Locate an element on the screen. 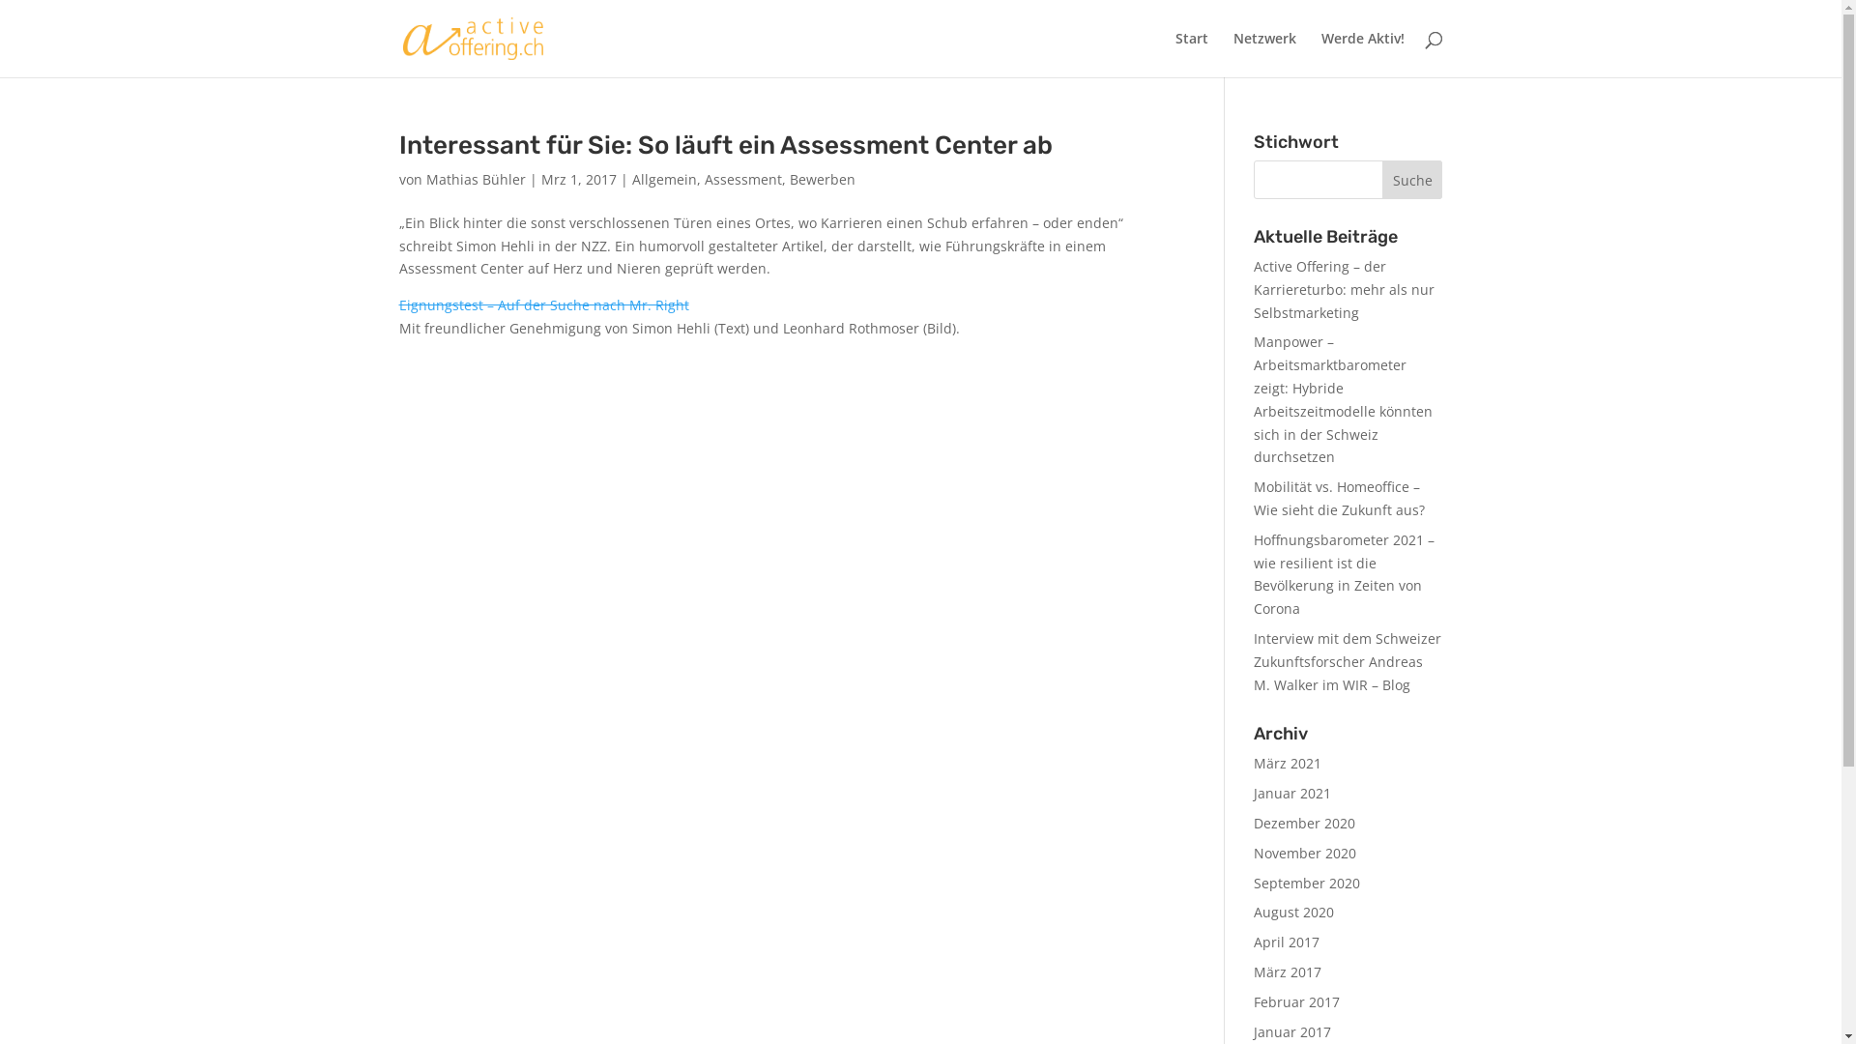 Image resolution: width=1856 pixels, height=1044 pixels. 'Start' is located at coordinates (1191, 53).